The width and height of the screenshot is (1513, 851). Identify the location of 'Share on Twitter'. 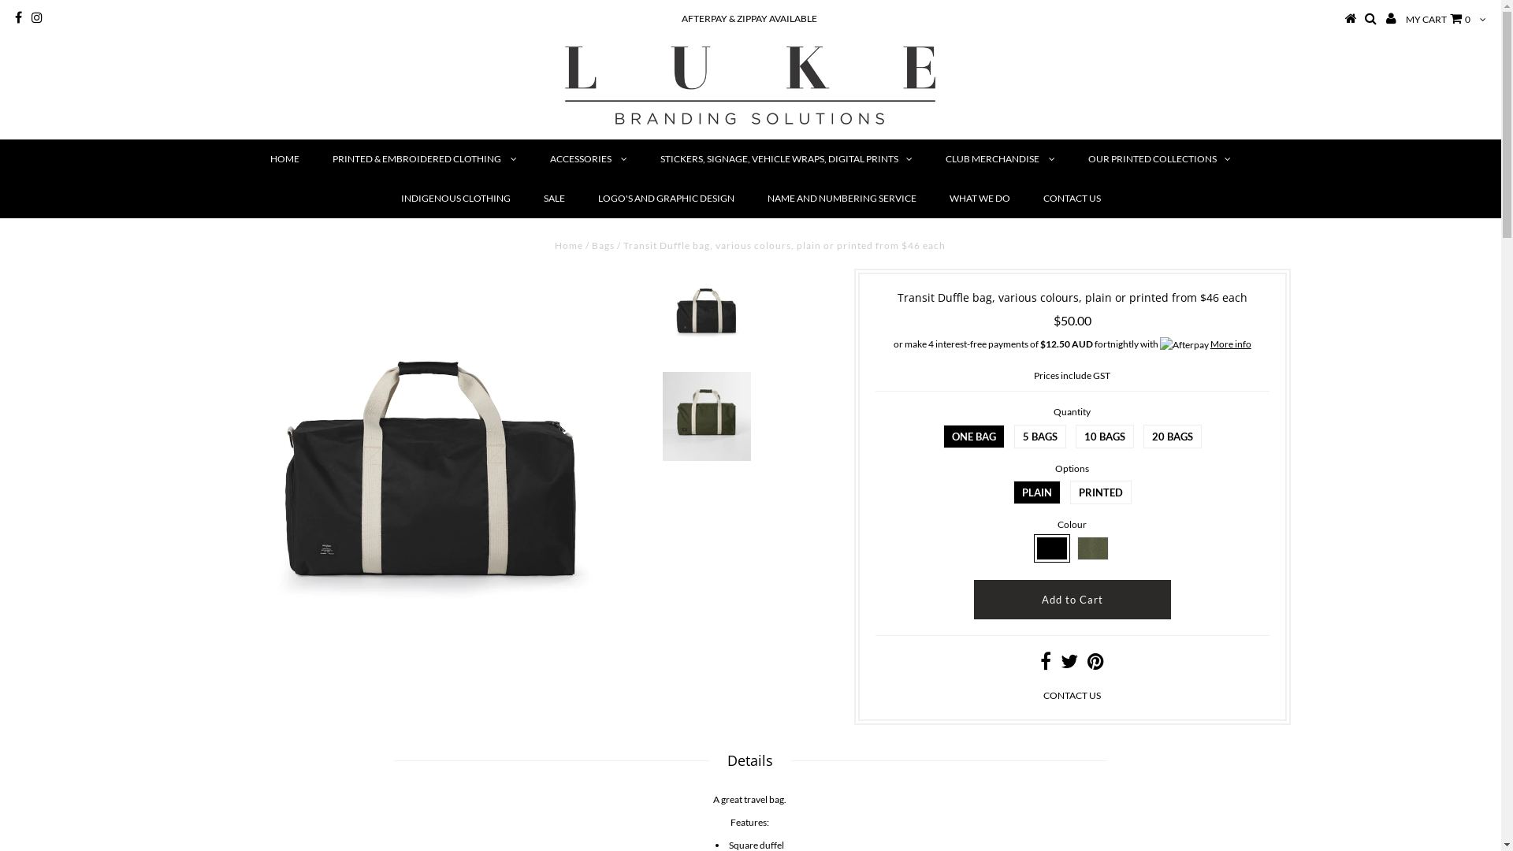
(1069, 664).